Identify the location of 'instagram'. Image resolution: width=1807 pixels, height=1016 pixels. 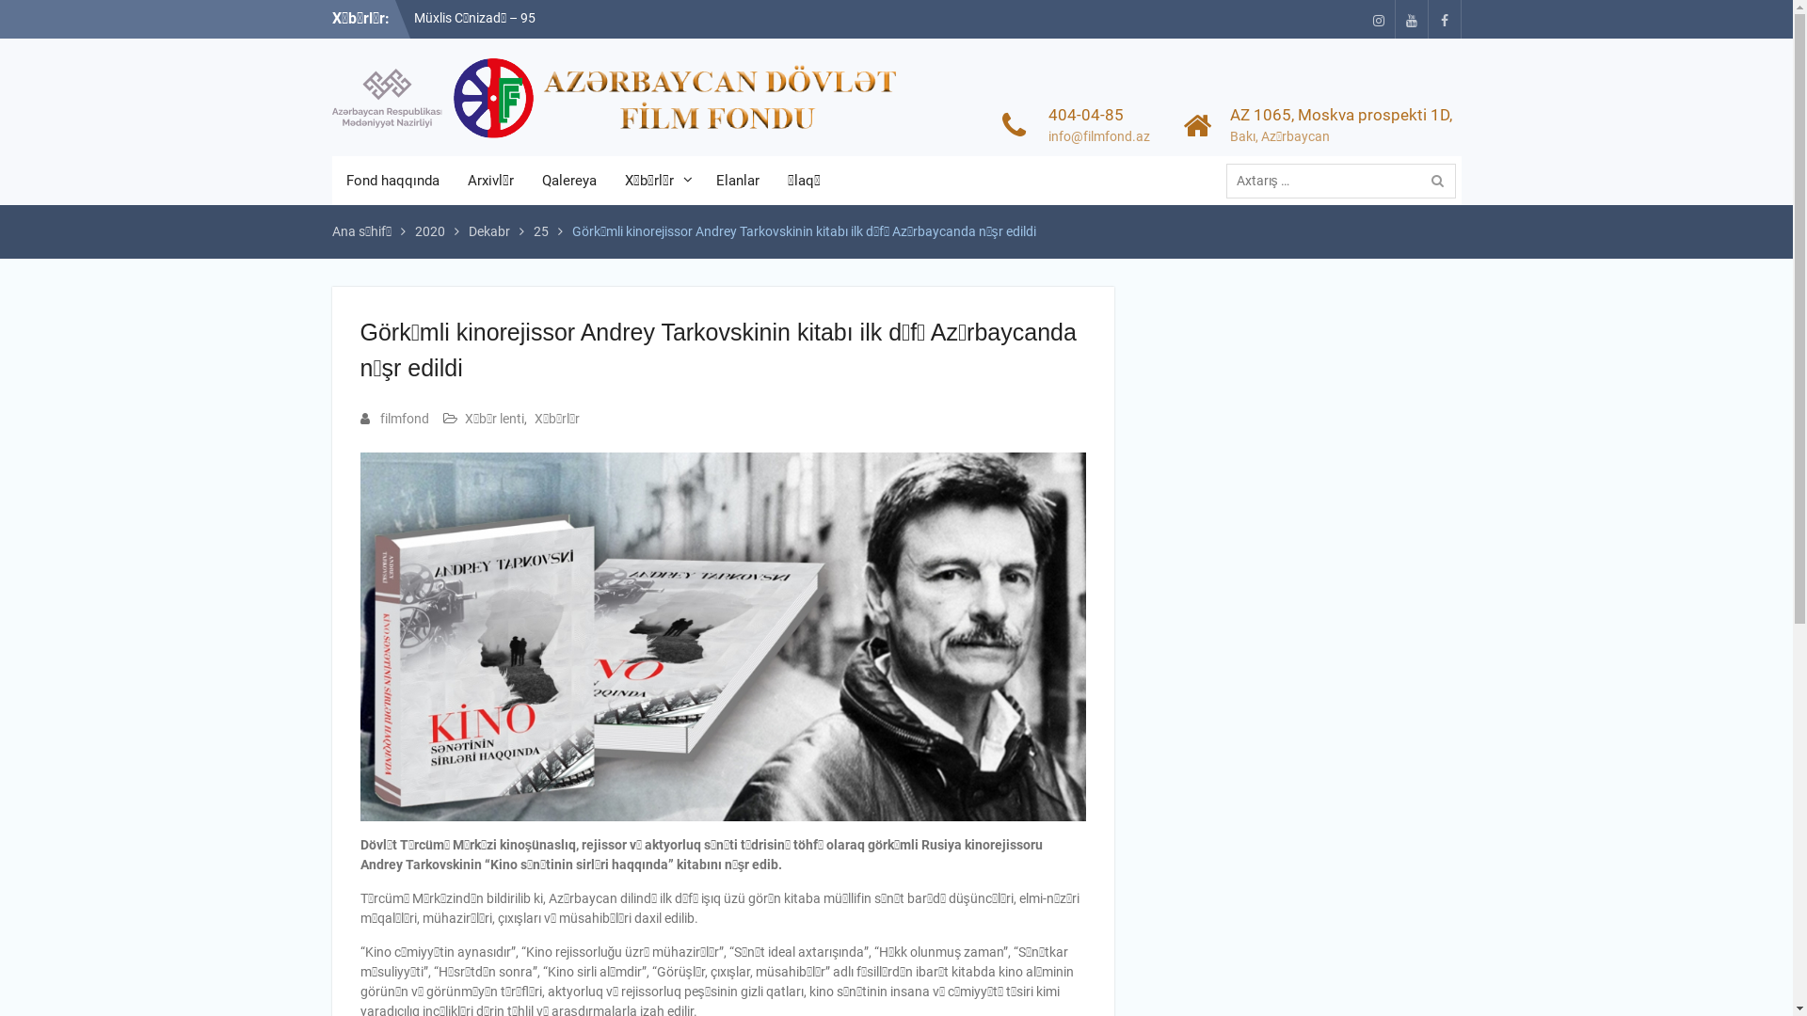
(1368, 19).